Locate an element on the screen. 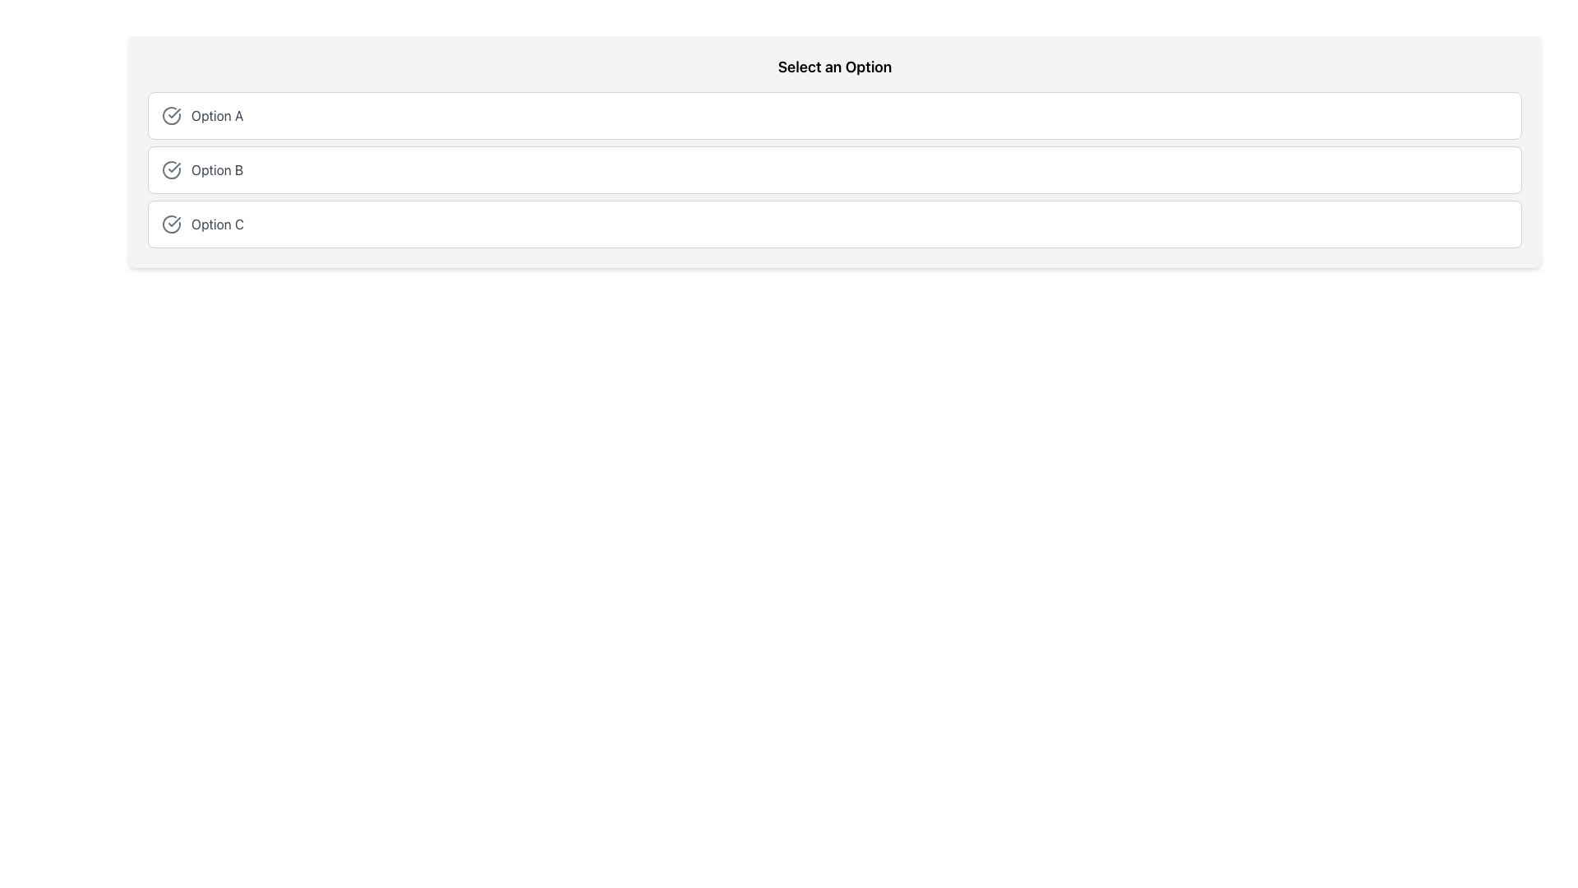 The image size is (1578, 888). the text label reading 'Option C', which is part of a selectable item layout and located as the third item in a vertical list is located at coordinates (217, 224).